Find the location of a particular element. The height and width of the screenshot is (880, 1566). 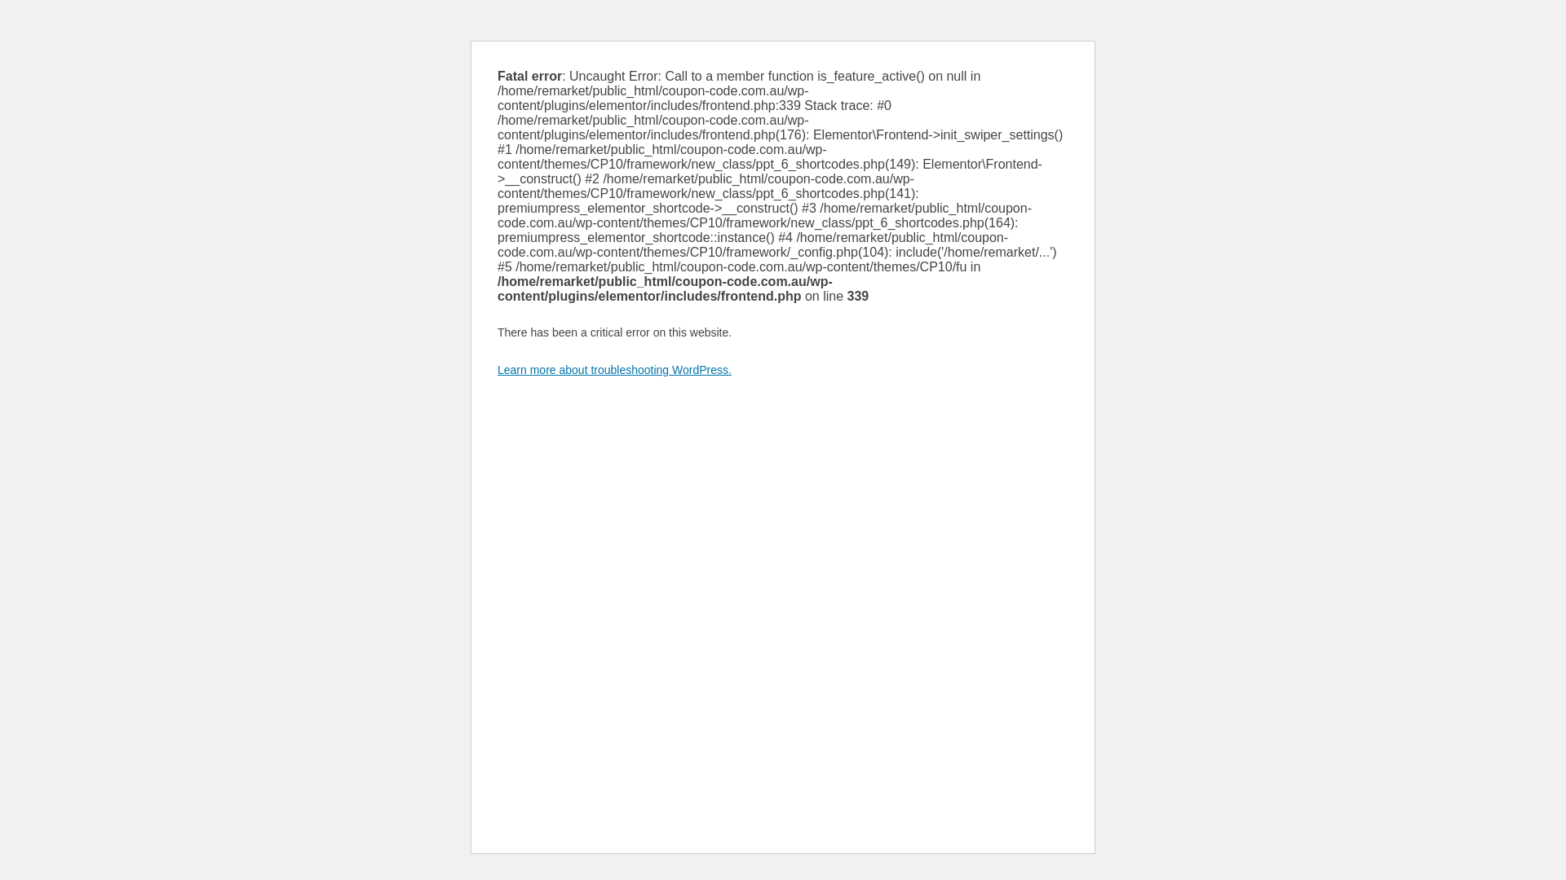

'Learn more about troubleshooting WordPress.' is located at coordinates (613, 370).